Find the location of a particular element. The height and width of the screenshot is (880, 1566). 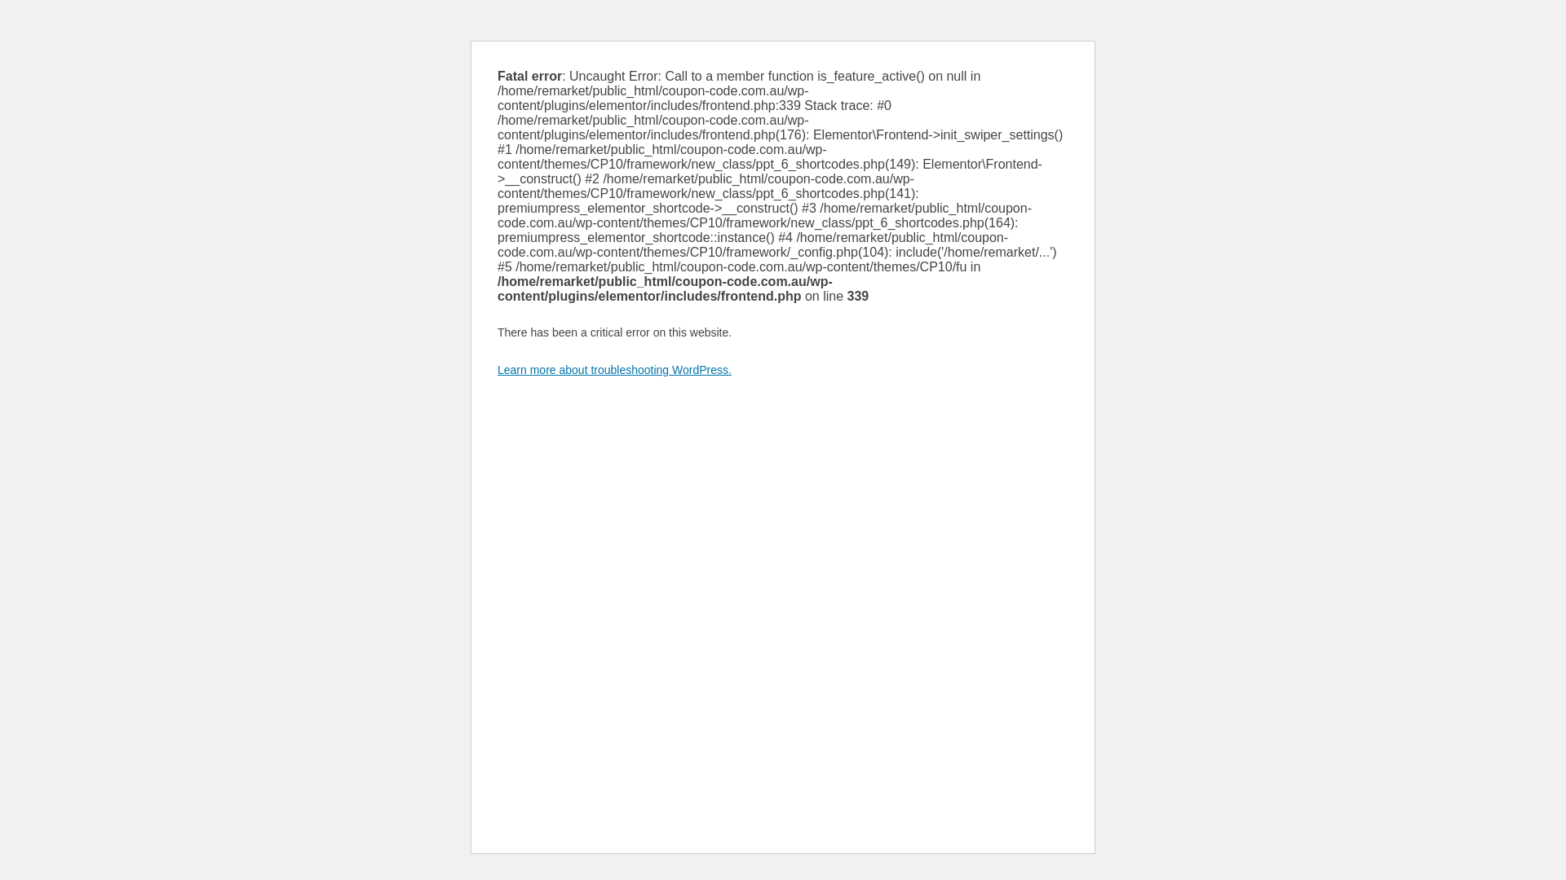

'Learn more about troubleshooting WordPress.' is located at coordinates (613, 370).